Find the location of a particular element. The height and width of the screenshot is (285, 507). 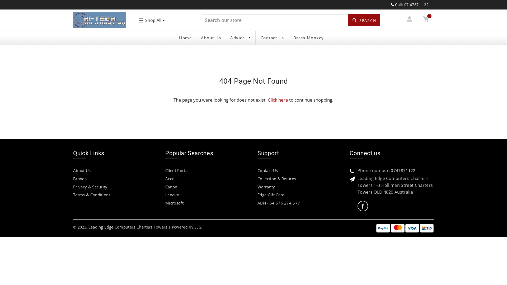

'Advice' is located at coordinates (226, 37).